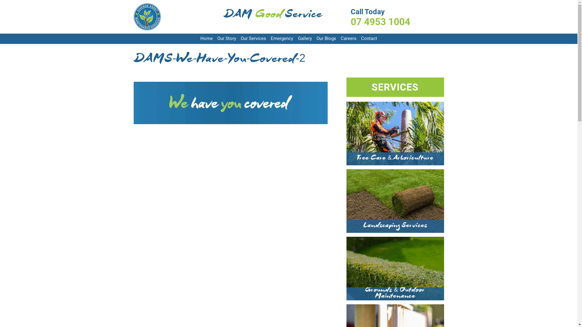 The height and width of the screenshot is (327, 582). I want to click on 'Careers', so click(349, 39).